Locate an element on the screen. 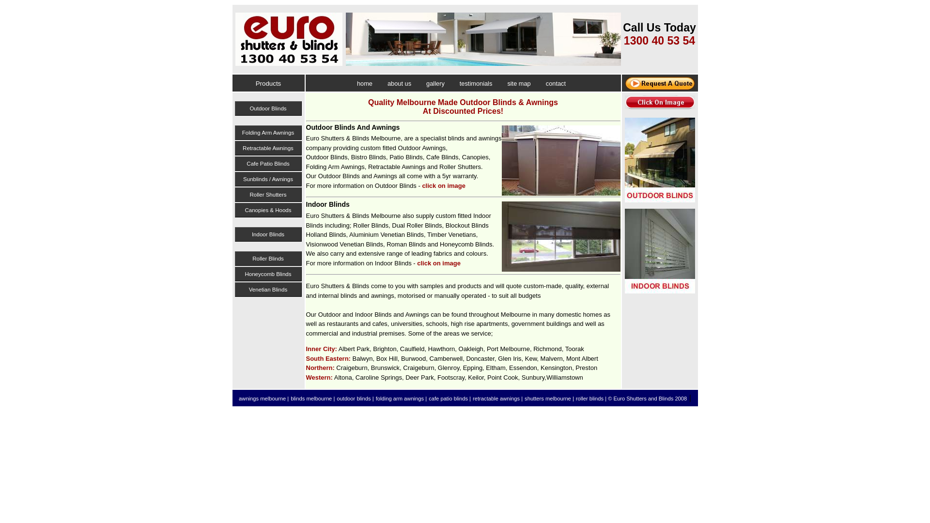  'Venetian Blinds' is located at coordinates (234, 289).